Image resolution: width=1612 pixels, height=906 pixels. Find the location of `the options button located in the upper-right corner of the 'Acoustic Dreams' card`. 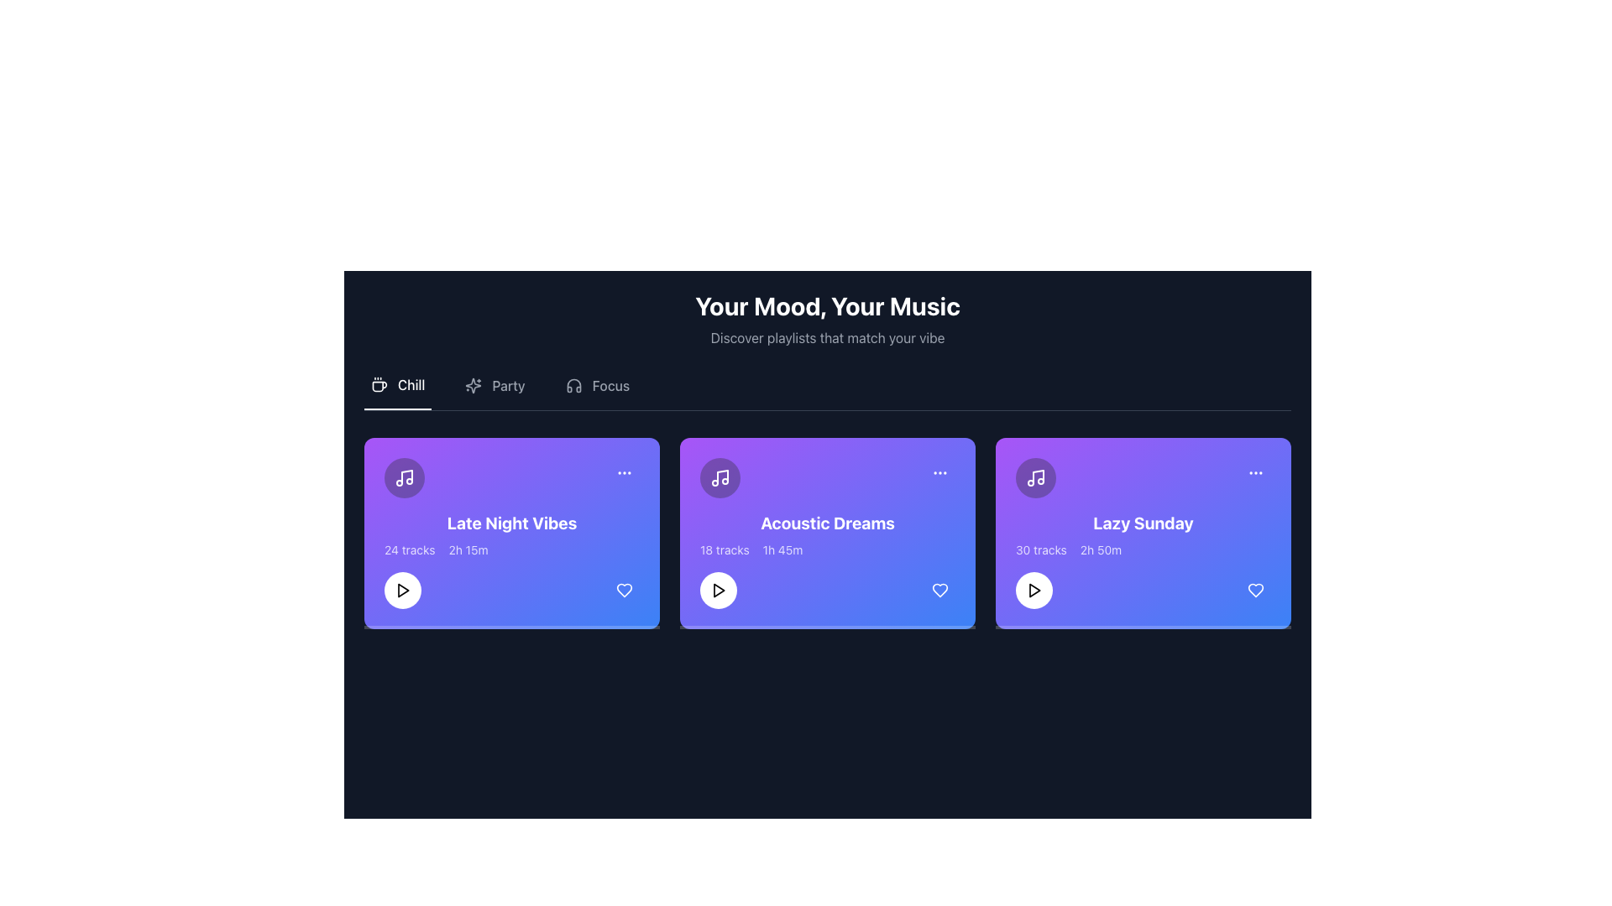

the options button located in the upper-right corner of the 'Acoustic Dreams' card is located at coordinates (939, 472).